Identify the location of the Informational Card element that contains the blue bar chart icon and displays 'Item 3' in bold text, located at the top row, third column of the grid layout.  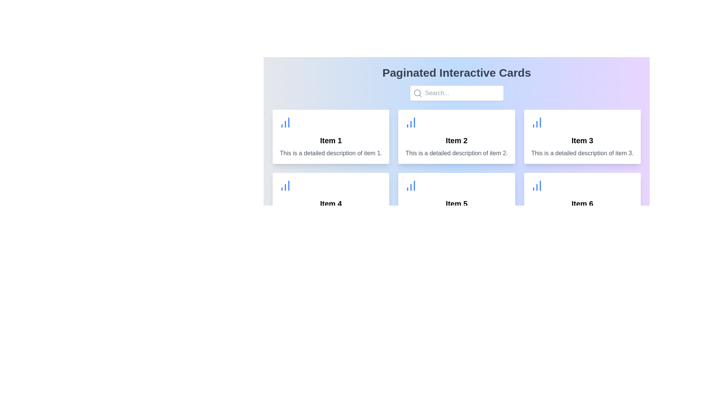
(582, 136).